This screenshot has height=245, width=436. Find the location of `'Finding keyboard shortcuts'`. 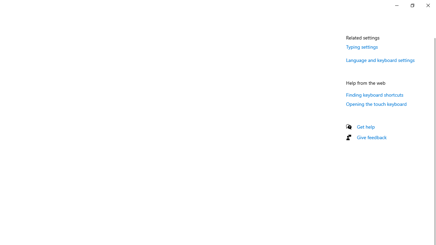

'Finding keyboard shortcuts' is located at coordinates (374, 95).